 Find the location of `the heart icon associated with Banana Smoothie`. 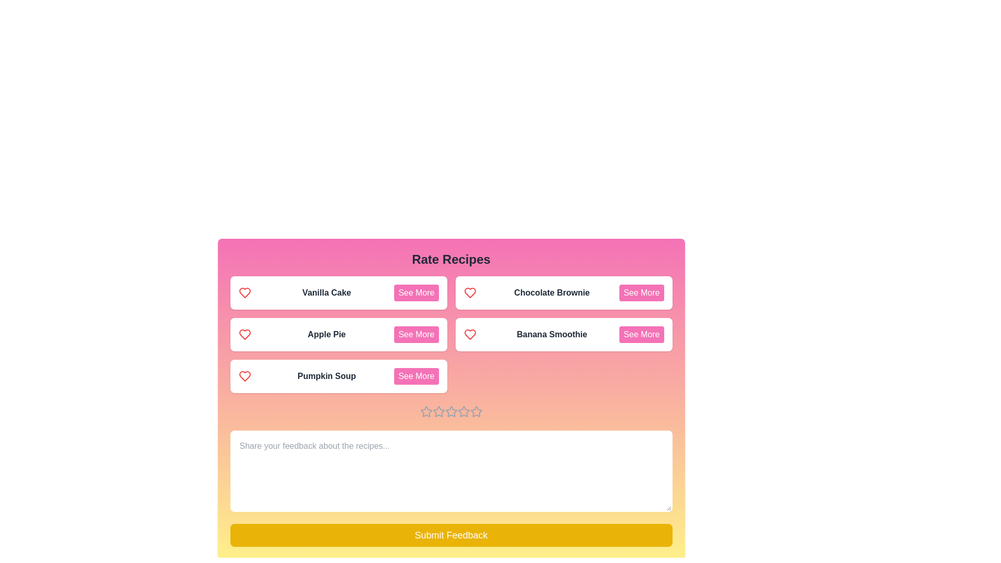

the heart icon associated with Banana Smoothie is located at coordinates (469, 334).